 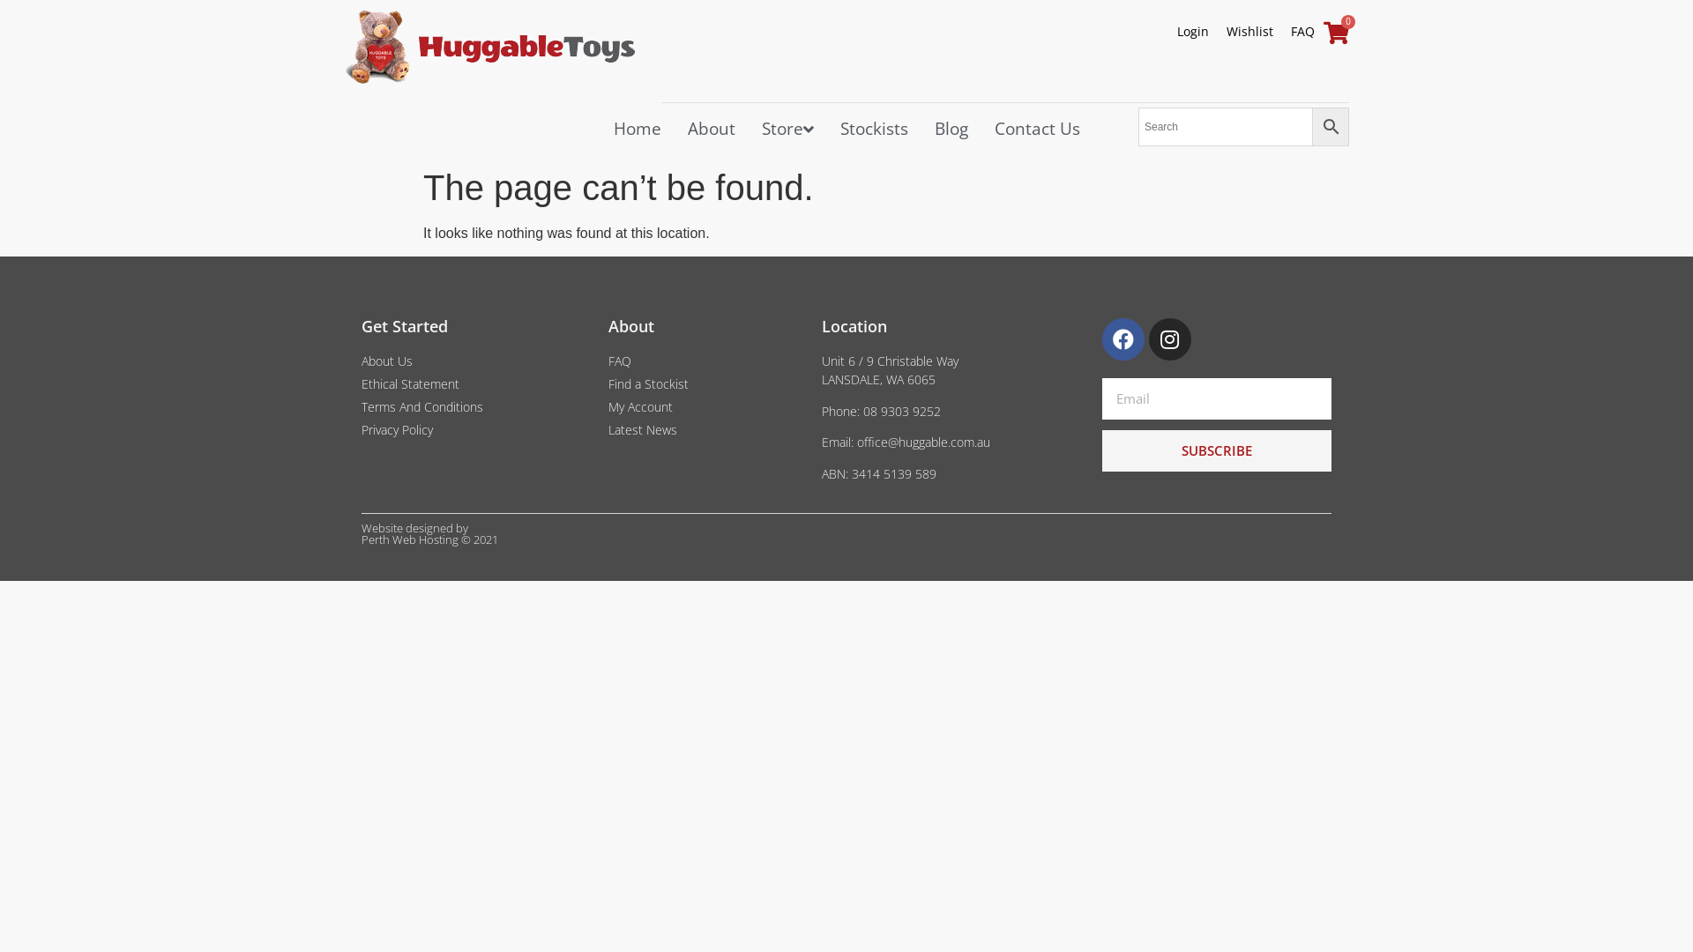 What do you see at coordinates (706, 383) in the screenshot?
I see `'Find a Stockist'` at bounding box center [706, 383].